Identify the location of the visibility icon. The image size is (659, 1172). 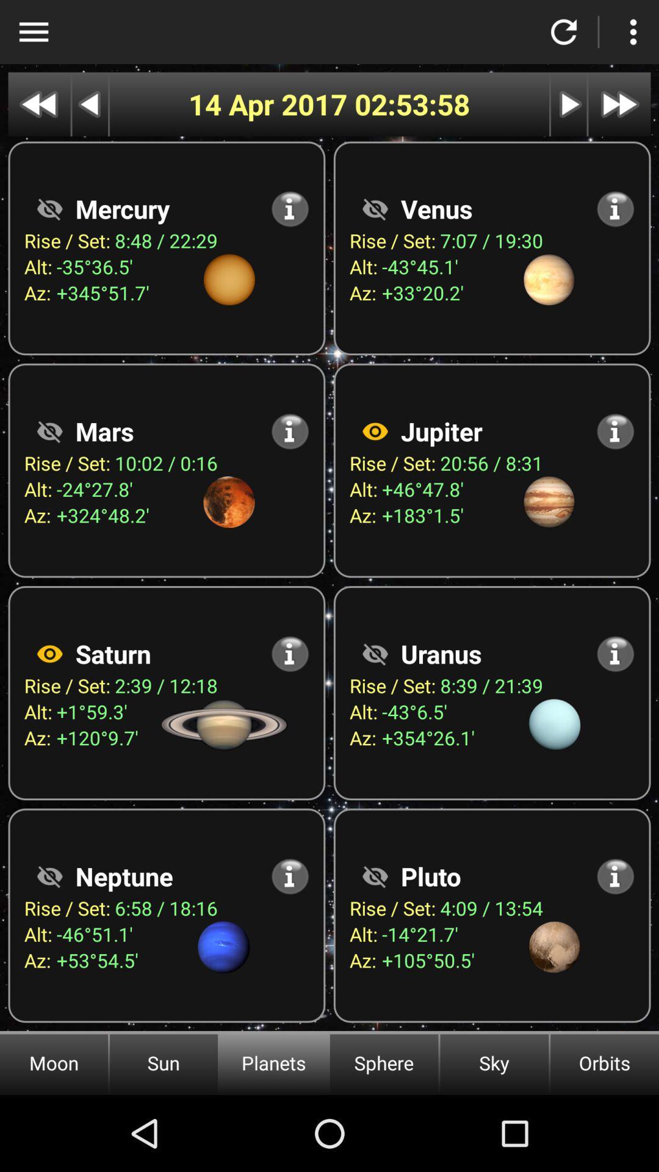
(49, 431).